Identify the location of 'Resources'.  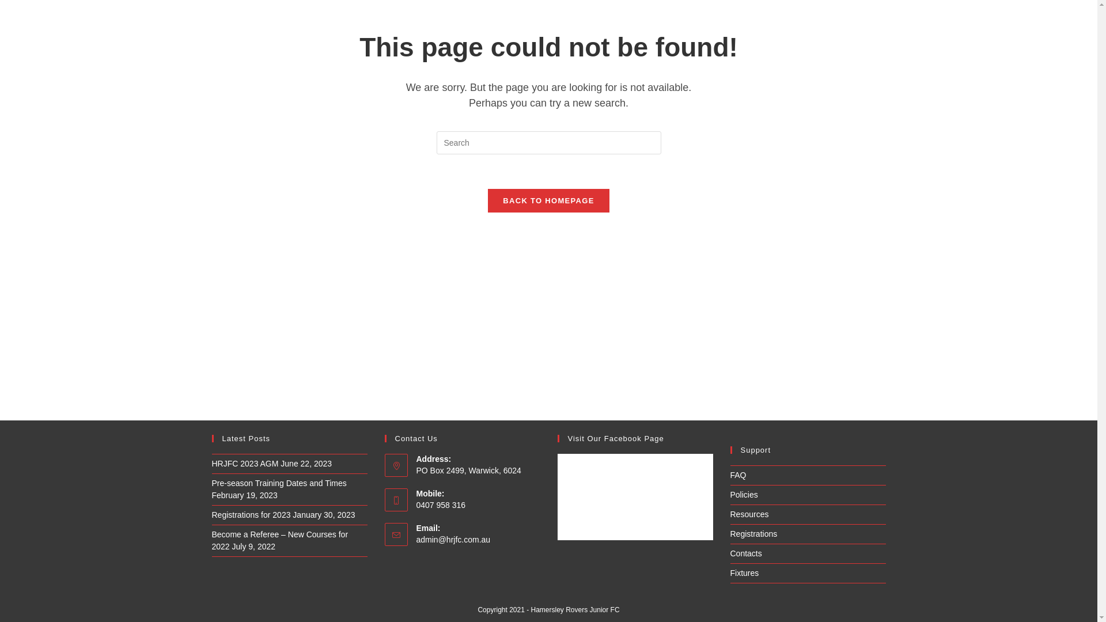
(749, 514).